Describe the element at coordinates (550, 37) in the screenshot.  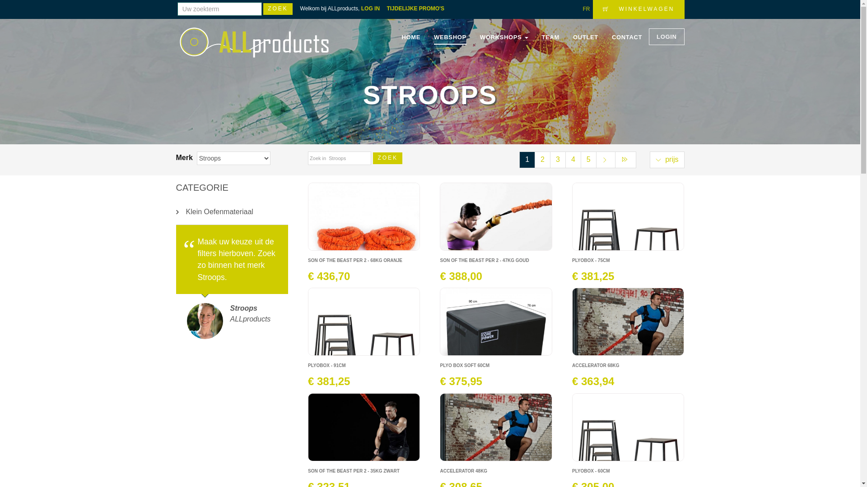
I see `'TEAM'` at that location.